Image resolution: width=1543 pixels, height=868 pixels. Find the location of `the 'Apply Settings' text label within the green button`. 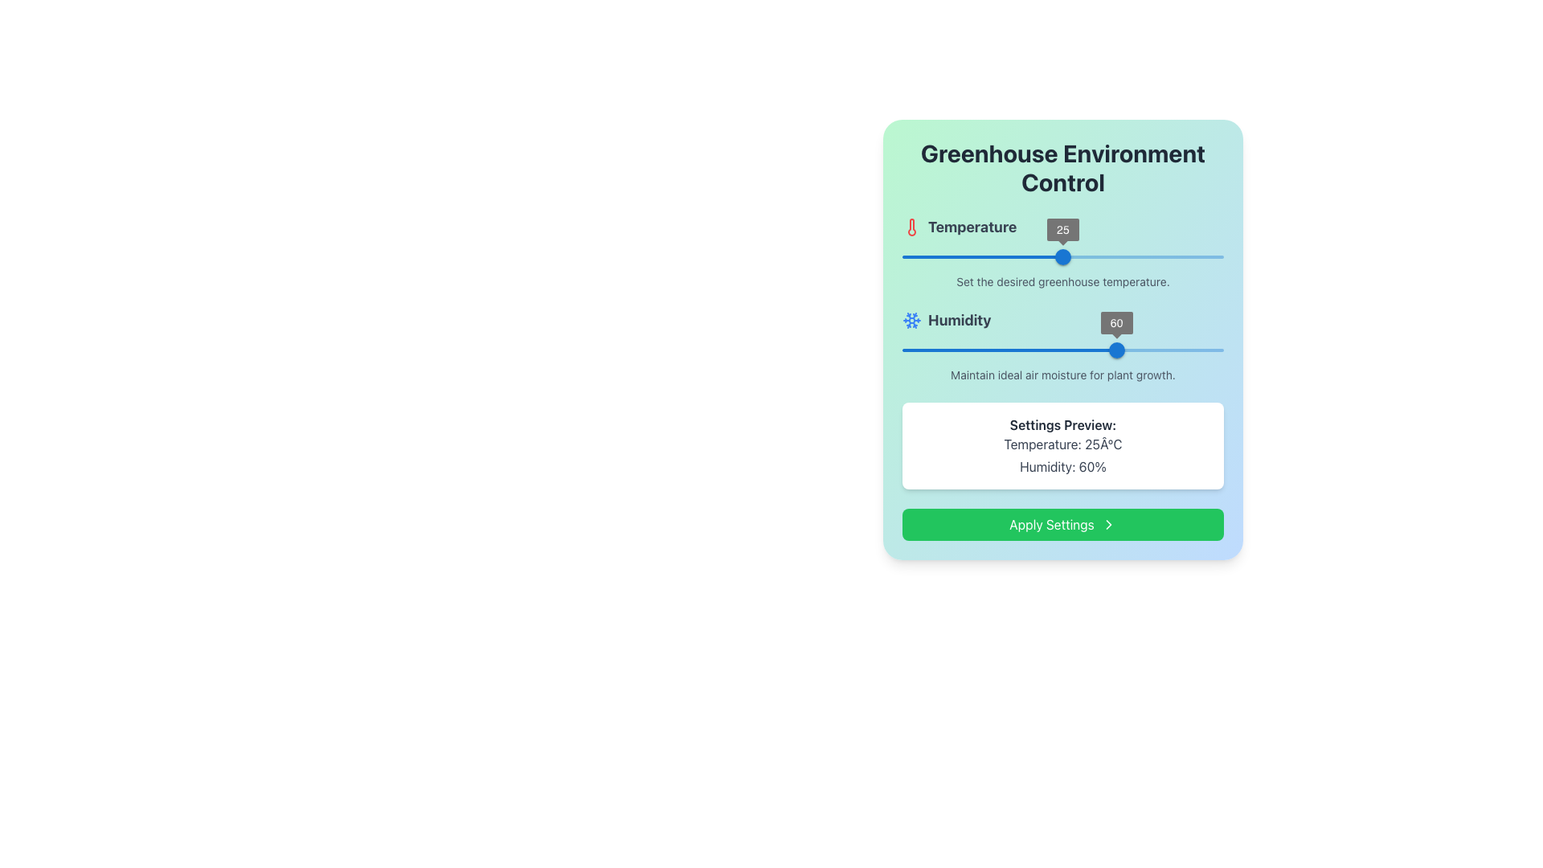

the 'Apply Settings' text label within the green button is located at coordinates (1052, 524).